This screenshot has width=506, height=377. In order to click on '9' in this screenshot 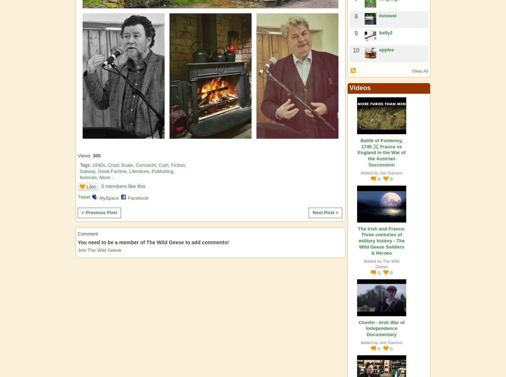, I will do `click(356, 33)`.